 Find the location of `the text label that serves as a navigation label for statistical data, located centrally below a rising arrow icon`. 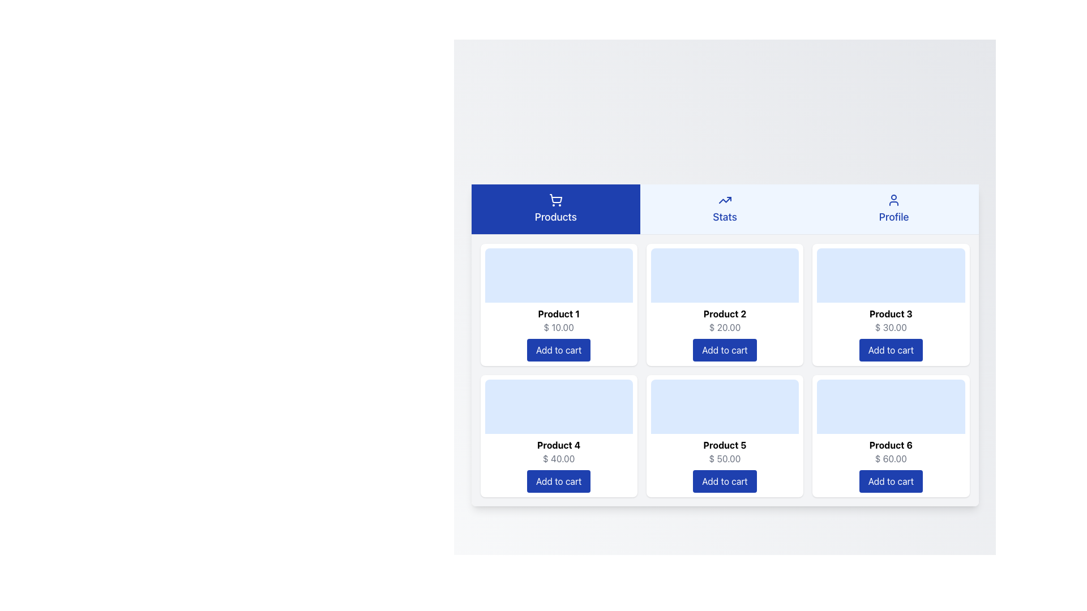

the text label that serves as a navigation label for statistical data, located centrally below a rising arrow icon is located at coordinates (725, 217).